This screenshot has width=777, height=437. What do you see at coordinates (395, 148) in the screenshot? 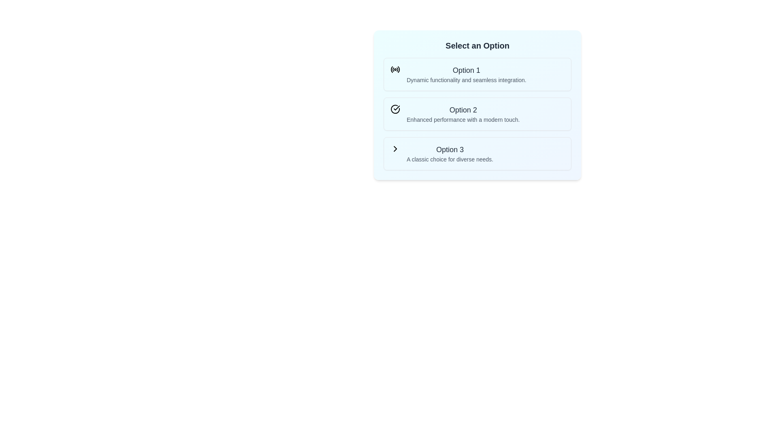
I see `the navigation icon located on the left side of the block labeled 'Option 3: A classic choice for diverse needs.'` at bounding box center [395, 148].